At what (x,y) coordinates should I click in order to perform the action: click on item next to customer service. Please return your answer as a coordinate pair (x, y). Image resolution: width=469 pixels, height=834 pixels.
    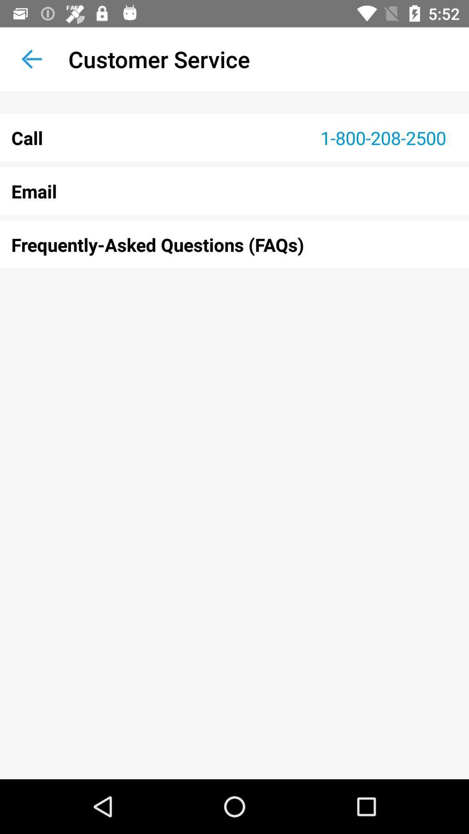
    Looking at the image, I should click on (31, 59).